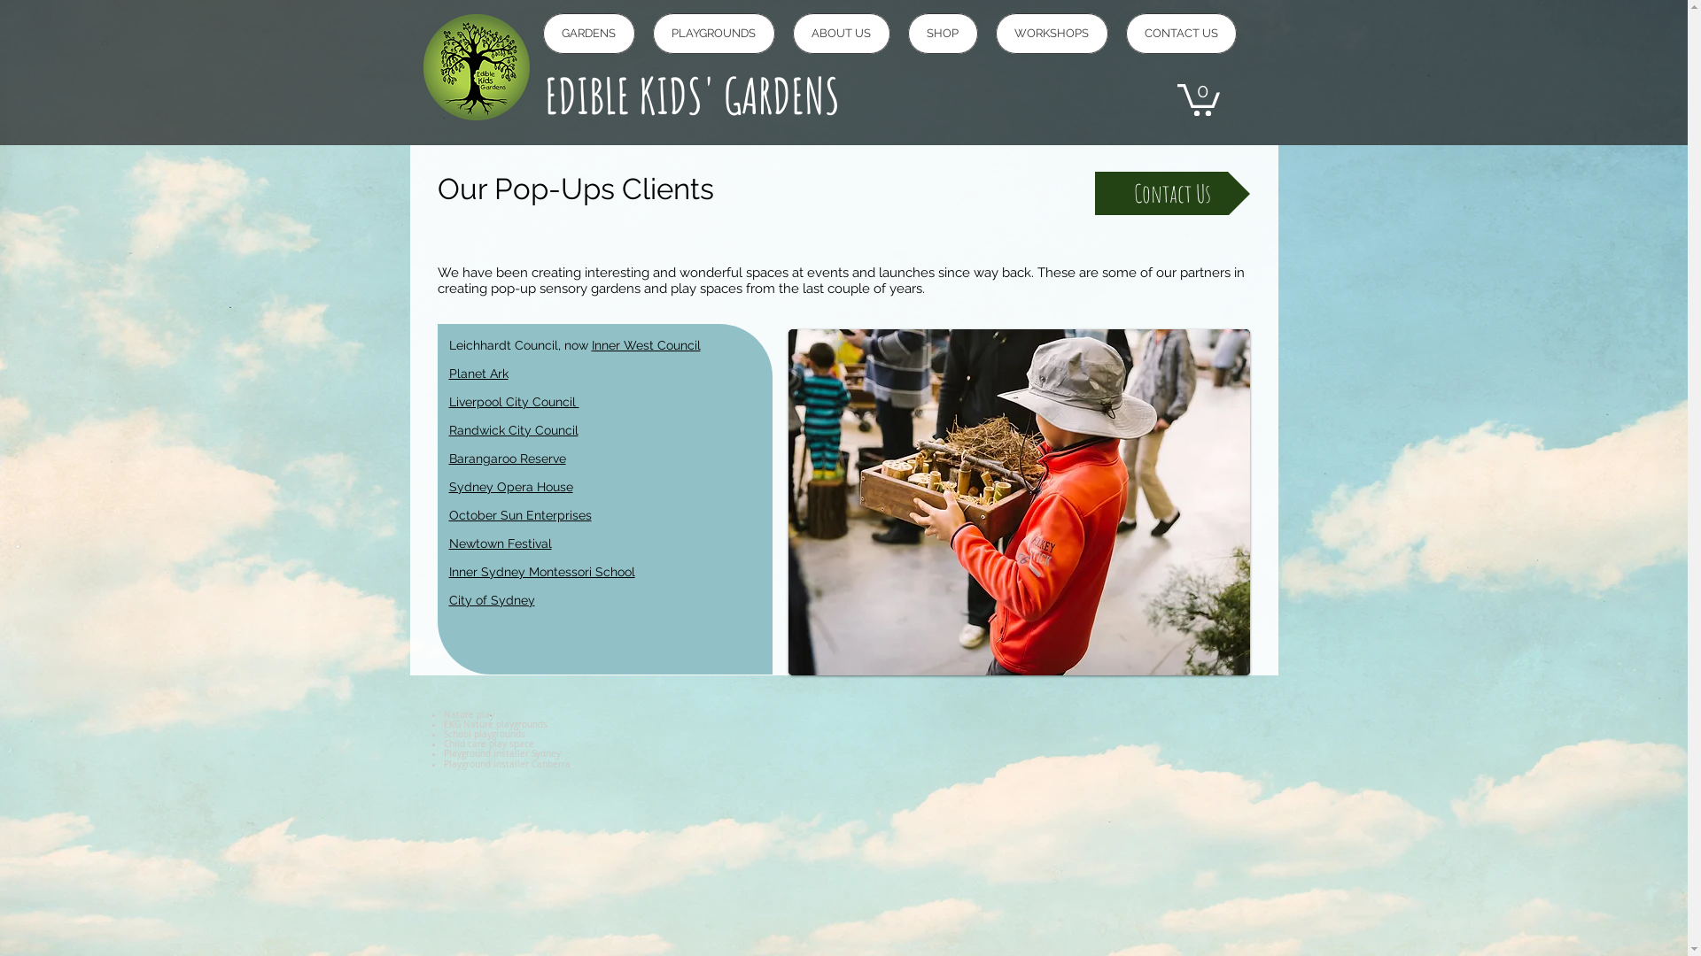 Image resolution: width=1701 pixels, height=956 pixels. Describe the element at coordinates (478, 372) in the screenshot. I see `'Planet Ark'` at that location.